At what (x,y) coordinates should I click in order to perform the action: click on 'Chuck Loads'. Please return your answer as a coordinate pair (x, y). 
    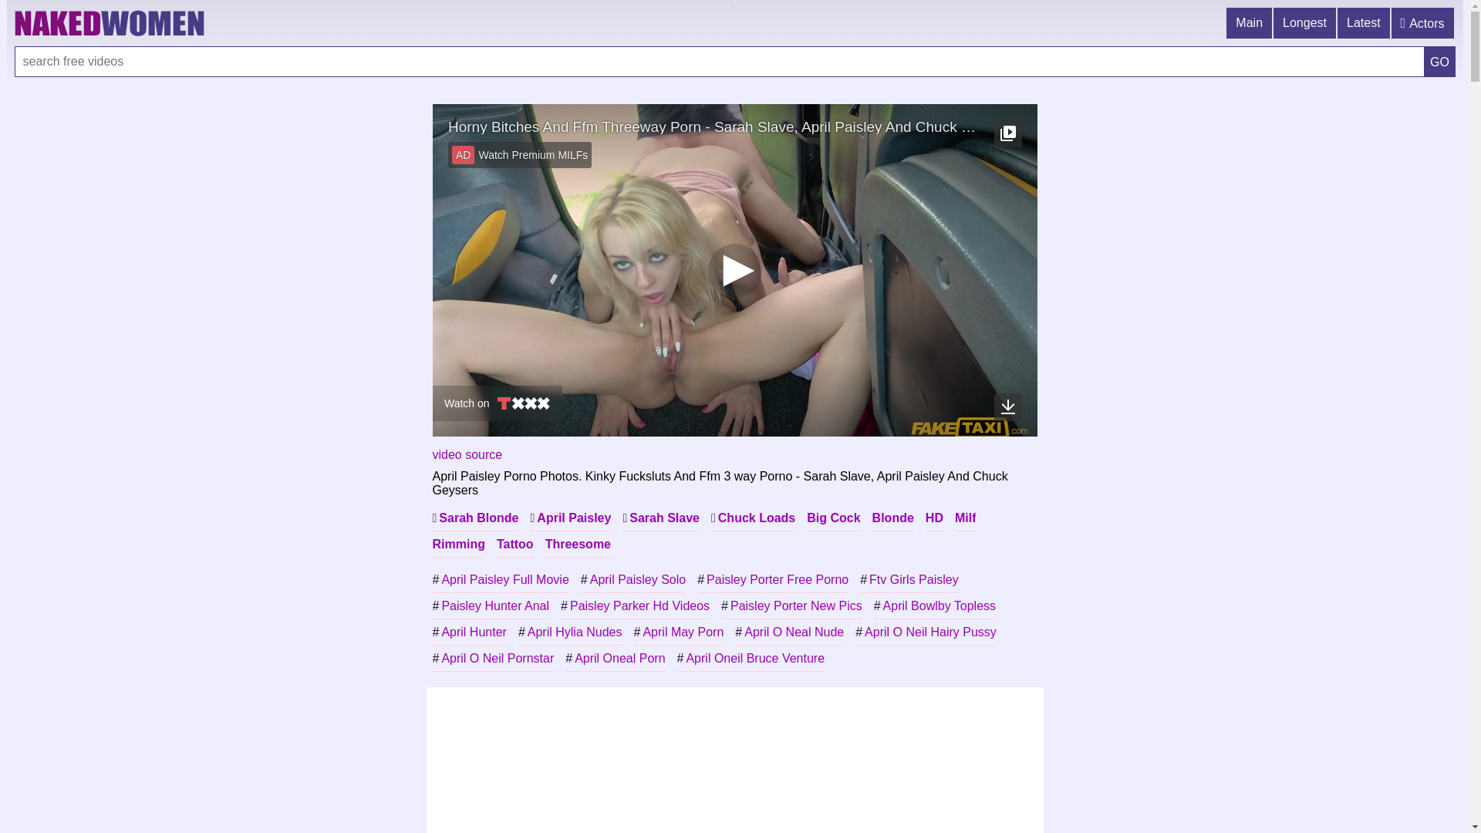
    Looking at the image, I should click on (753, 518).